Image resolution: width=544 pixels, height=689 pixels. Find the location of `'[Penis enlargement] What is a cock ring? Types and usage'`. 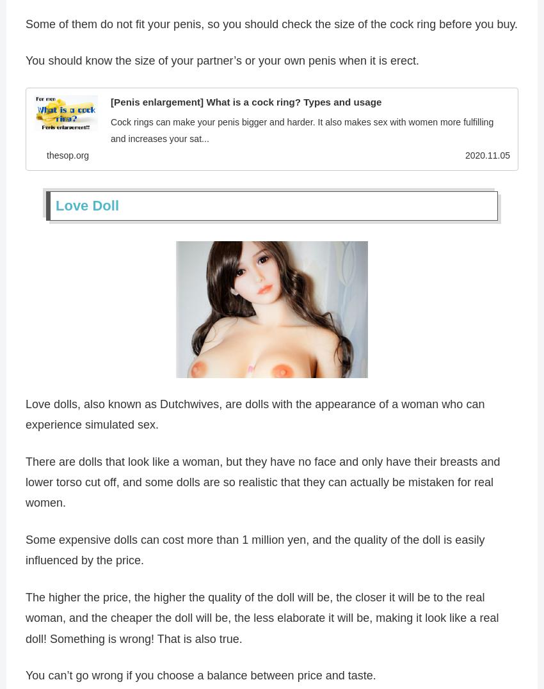

'[Penis enlargement] What is a cock ring? Types and usage' is located at coordinates (246, 103).